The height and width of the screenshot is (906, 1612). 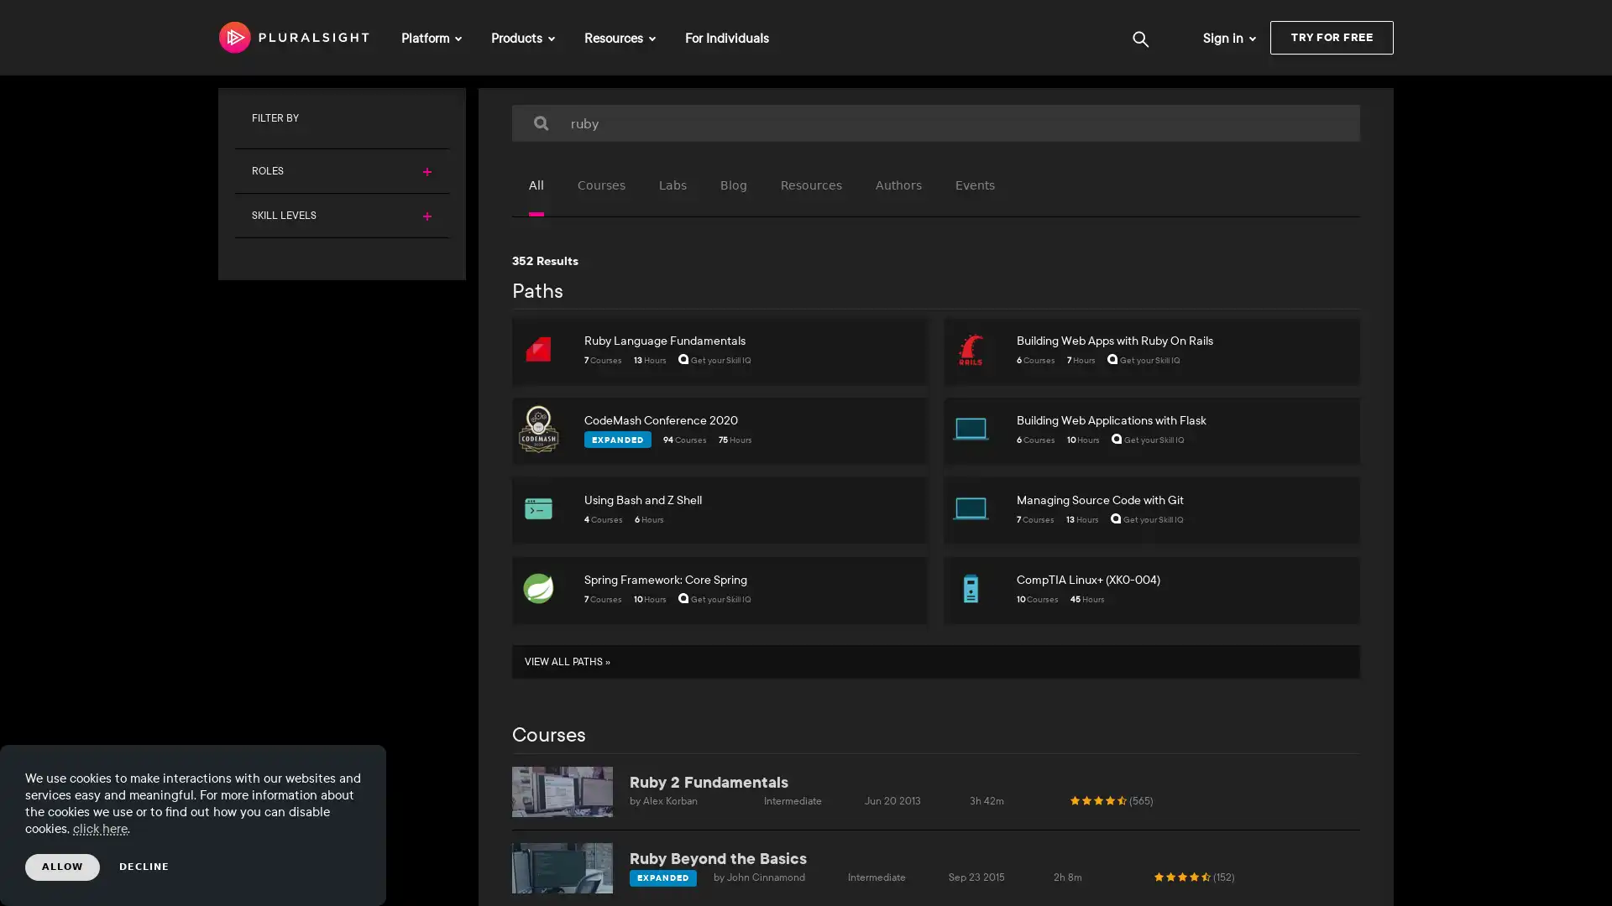 What do you see at coordinates (62, 867) in the screenshot?
I see `ALLOW` at bounding box center [62, 867].